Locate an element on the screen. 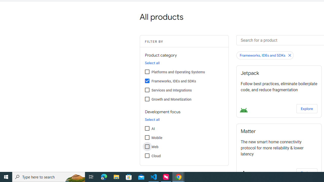  'Platforms and Operating Systems' is located at coordinates (147, 72).